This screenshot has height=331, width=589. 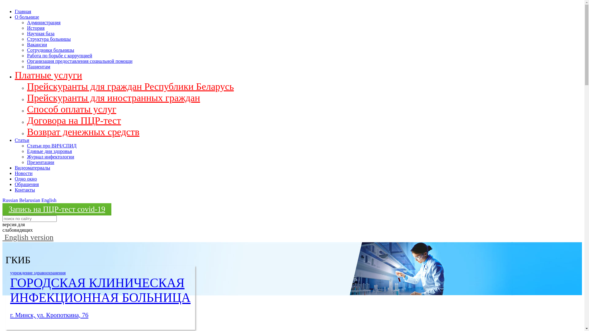 What do you see at coordinates (10, 200) in the screenshot?
I see `'Russian'` at bounding box center [10, 200].